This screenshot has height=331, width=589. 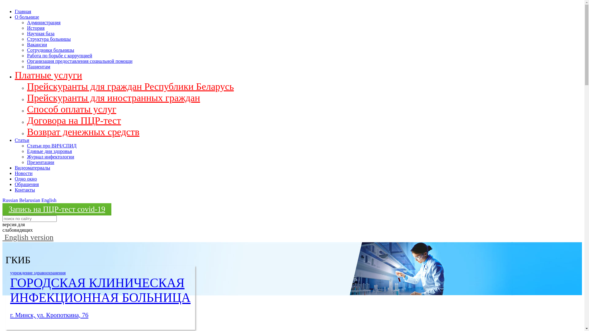 What do you see at coordinates (10, 200) in the screenshot?
I see `'Russian'` at bounding box center [10, 200].